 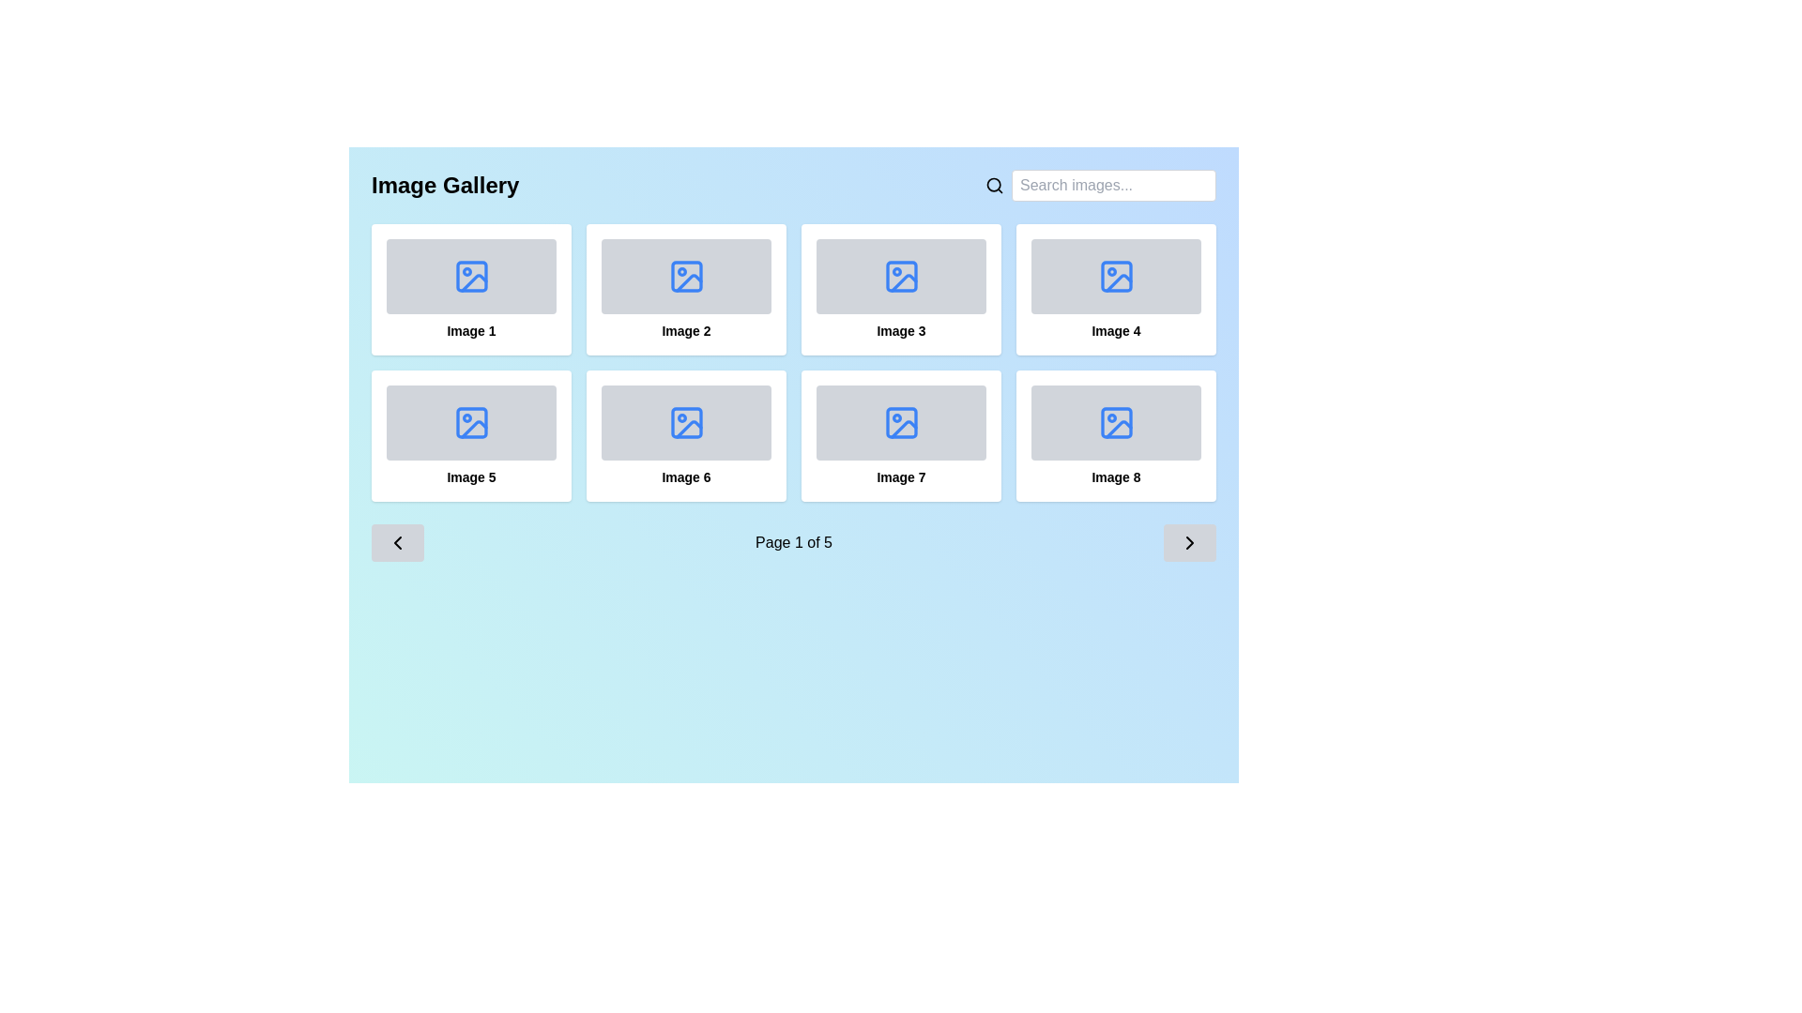 I want to click on the text label displaying 'Image 5', which is centrally aligned below a gray placeholder area representing an image, so click(x=471, y=476).